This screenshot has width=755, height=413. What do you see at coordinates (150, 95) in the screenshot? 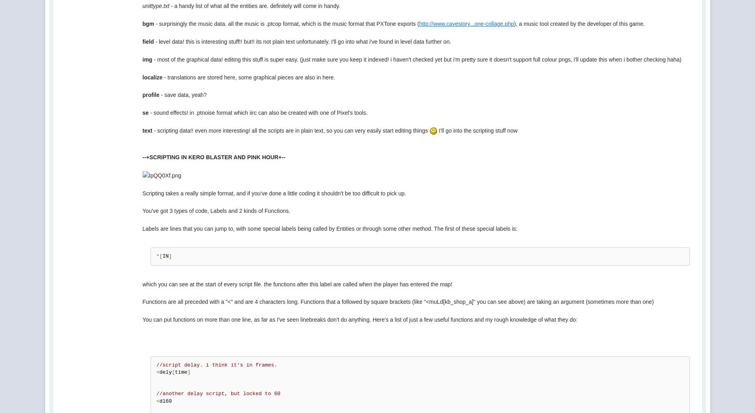
I see `'profile'` at bounding box center [150, 95].